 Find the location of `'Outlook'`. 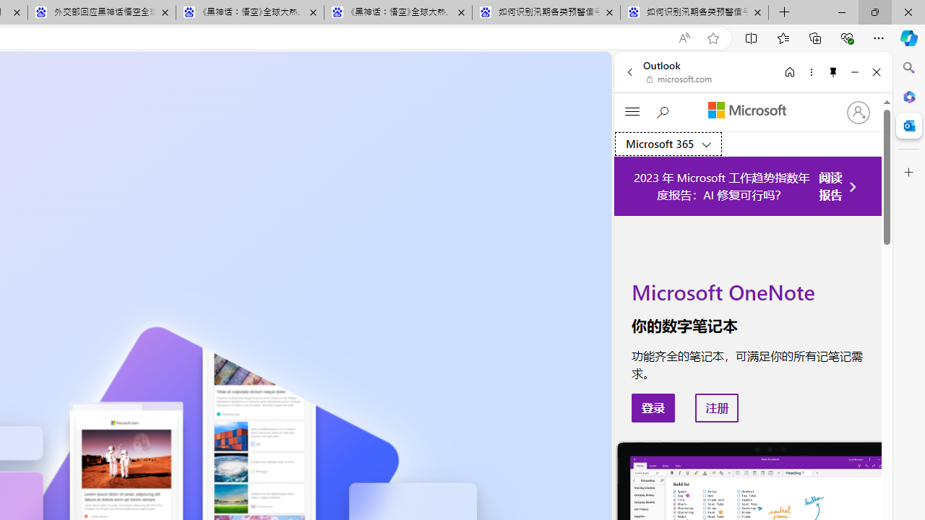

'Outlook' is located at coordinates (908, 125).